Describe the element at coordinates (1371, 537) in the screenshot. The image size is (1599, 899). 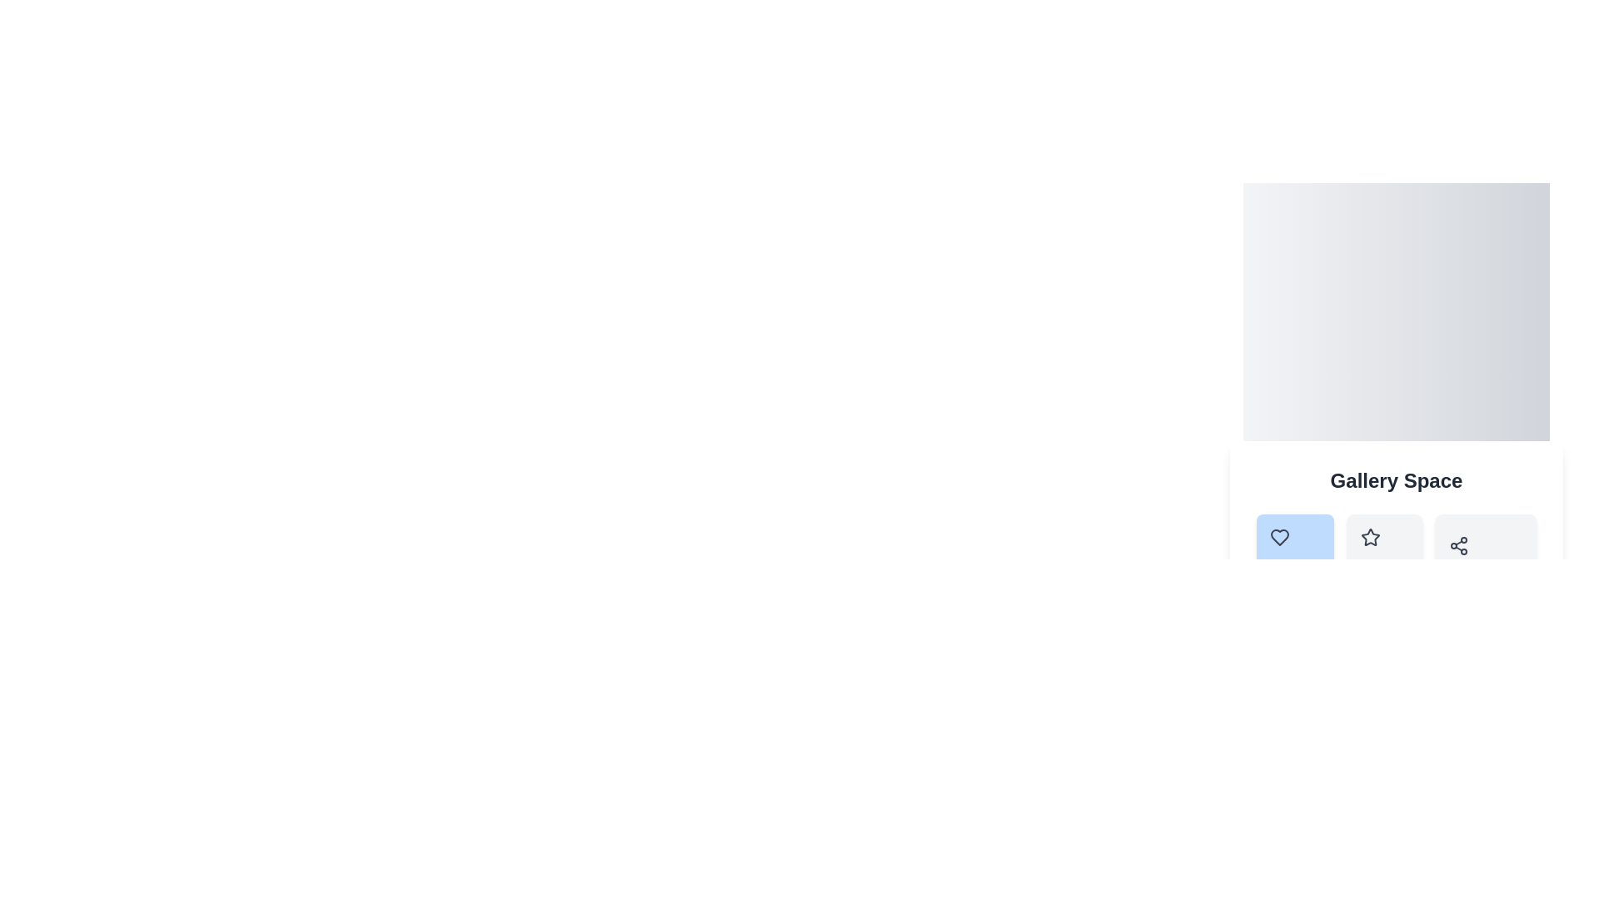
I see `the second icon from the left in the row below the 'Gallery Space' title to interact with the favorite or rating action` at that location.